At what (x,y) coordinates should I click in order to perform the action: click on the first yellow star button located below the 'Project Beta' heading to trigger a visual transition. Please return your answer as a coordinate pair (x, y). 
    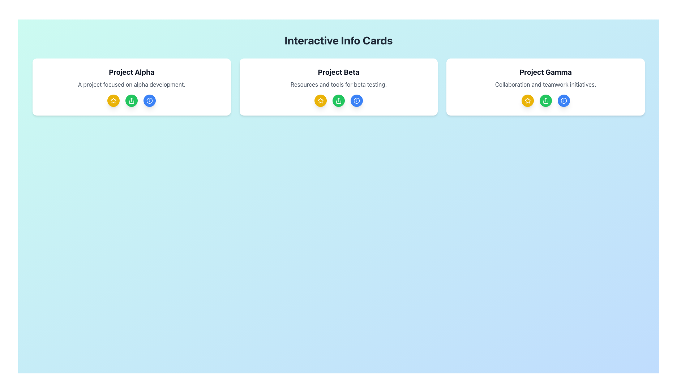
    Looking at the image, I should click on (320, 100).